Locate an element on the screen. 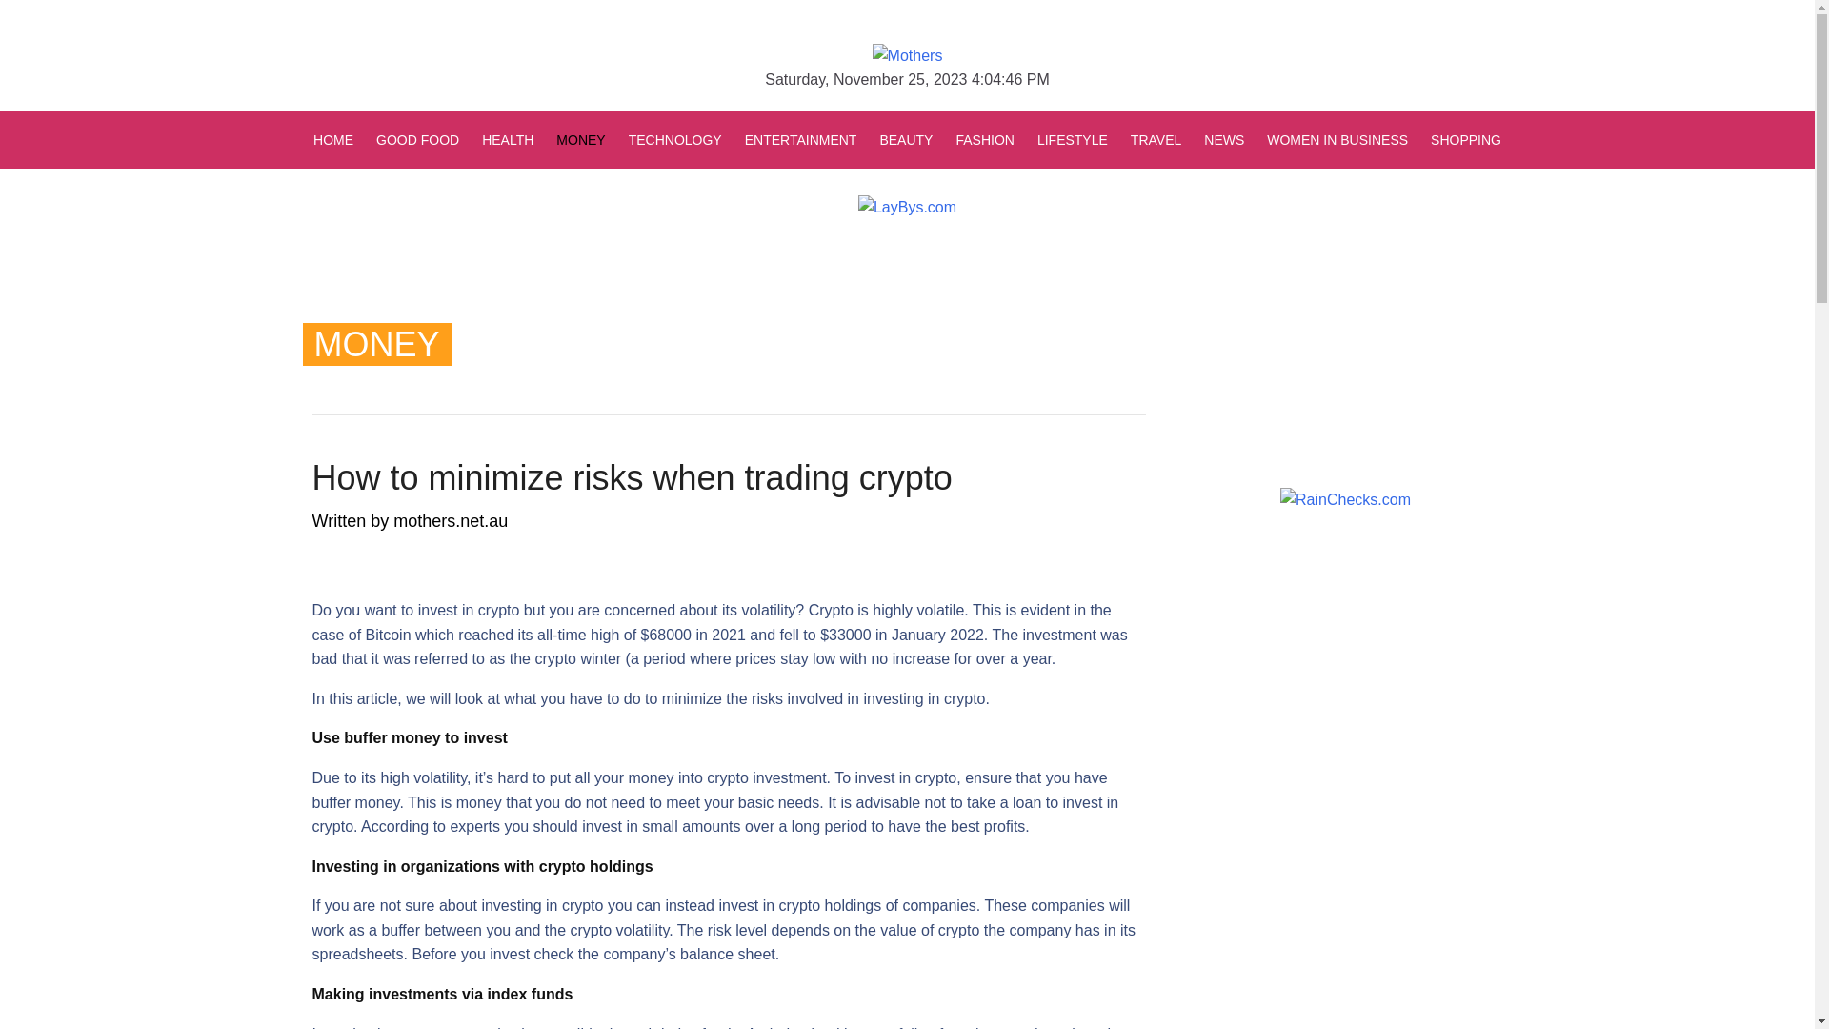  'MONEY' is located at coordinates (543, 138).